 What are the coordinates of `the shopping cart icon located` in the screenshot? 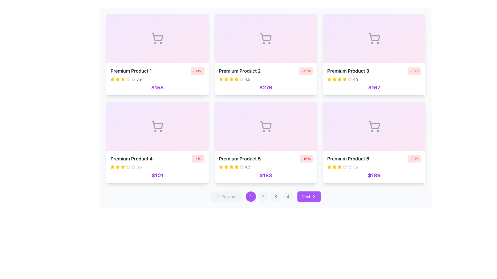 It's located at (374, 126).